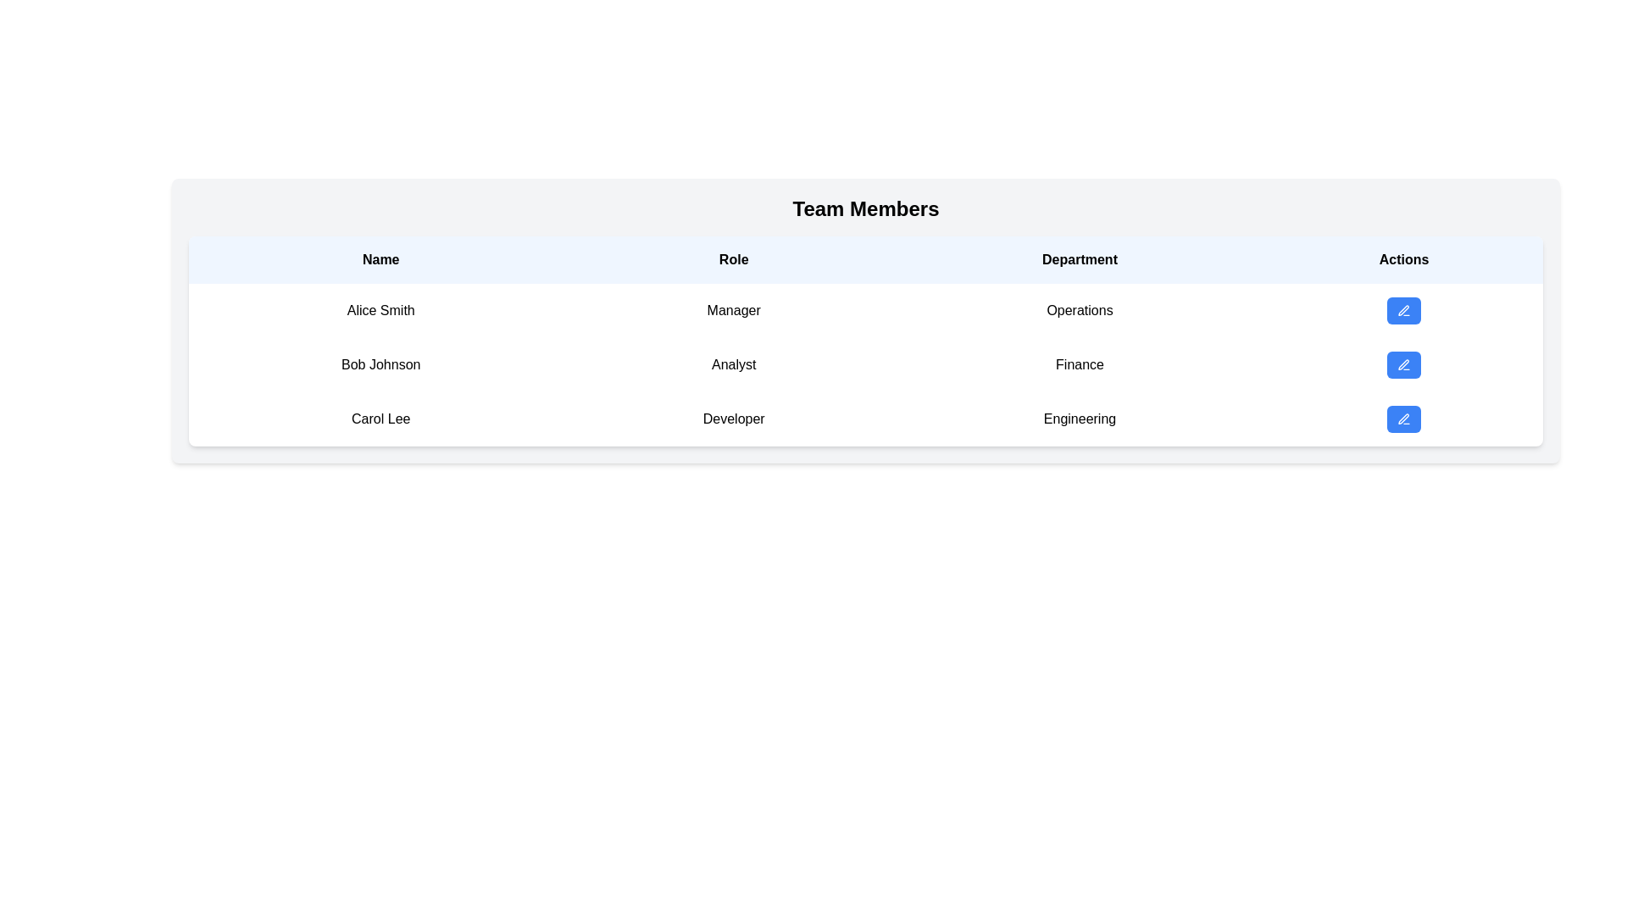 Image resolution: width=1627 pixels, height=915 pixels. Describe the element at coordinates (1403, 419) in the screenshot. I see `the delete icon button located in the bottom-right corner of the Actions column for the third row associated with 'Carol Lee'` at that location.